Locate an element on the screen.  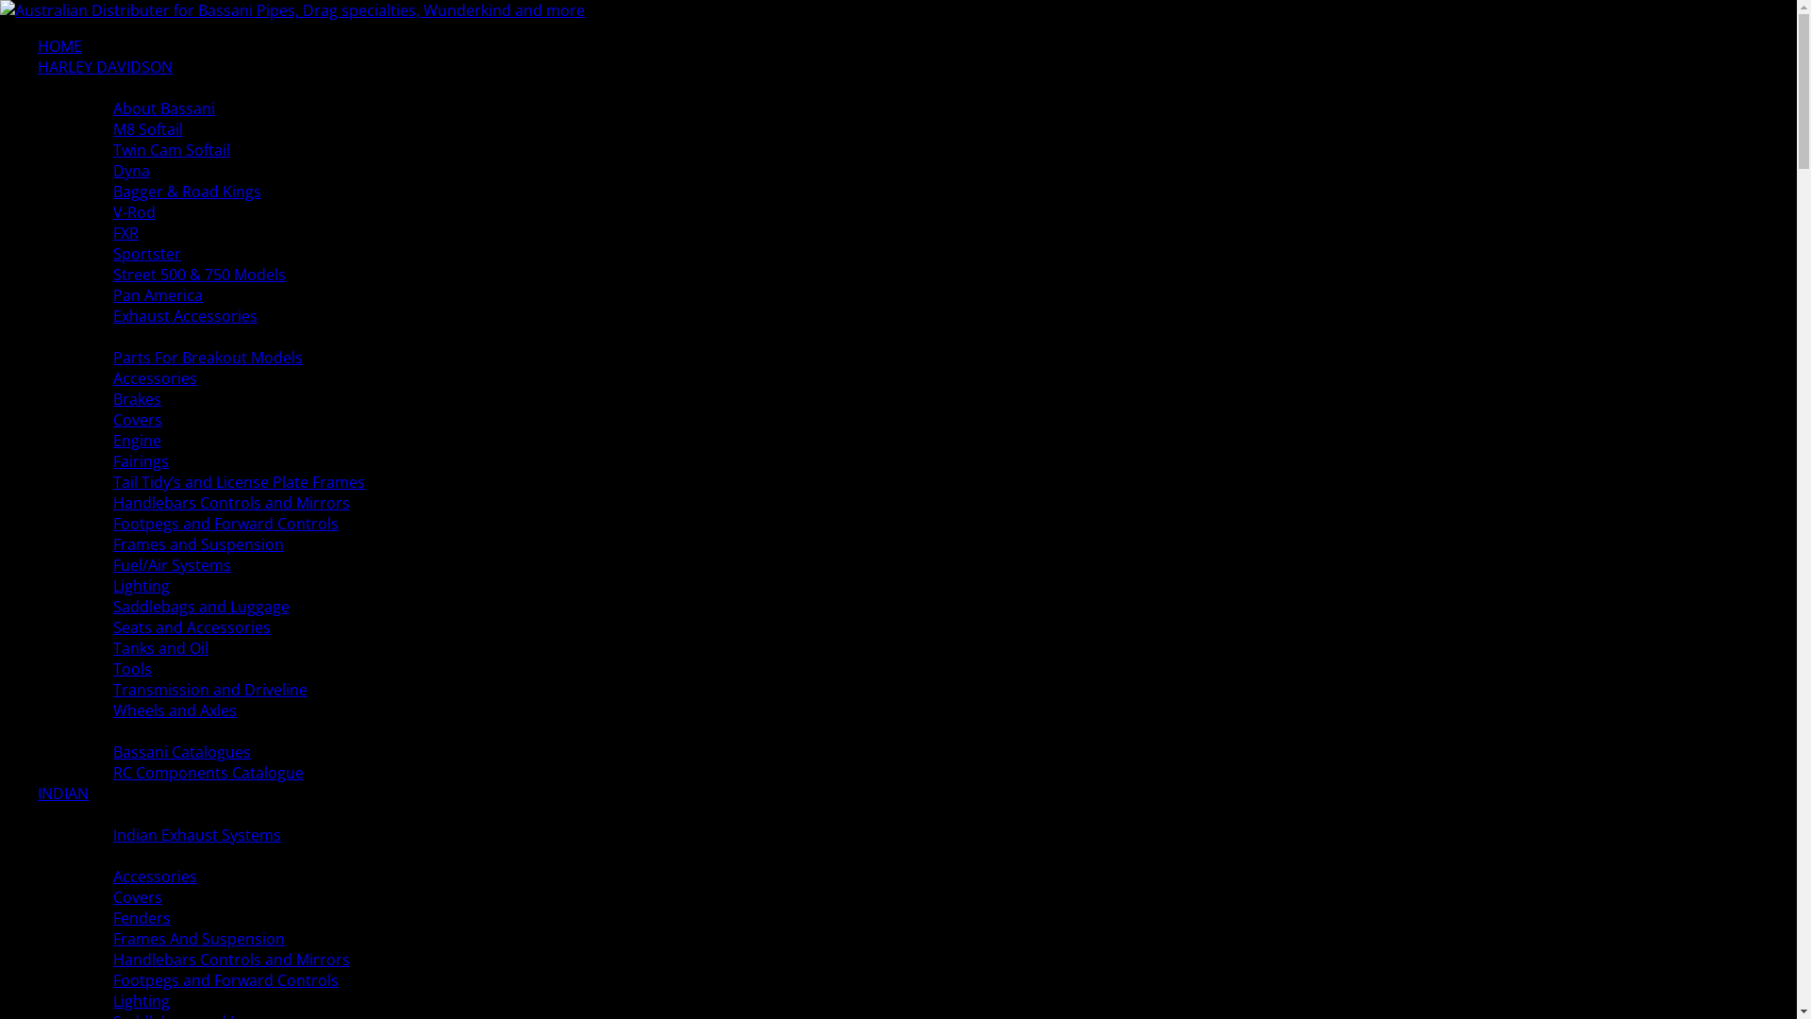
'Accessories' is located at coordinates (112, 877).